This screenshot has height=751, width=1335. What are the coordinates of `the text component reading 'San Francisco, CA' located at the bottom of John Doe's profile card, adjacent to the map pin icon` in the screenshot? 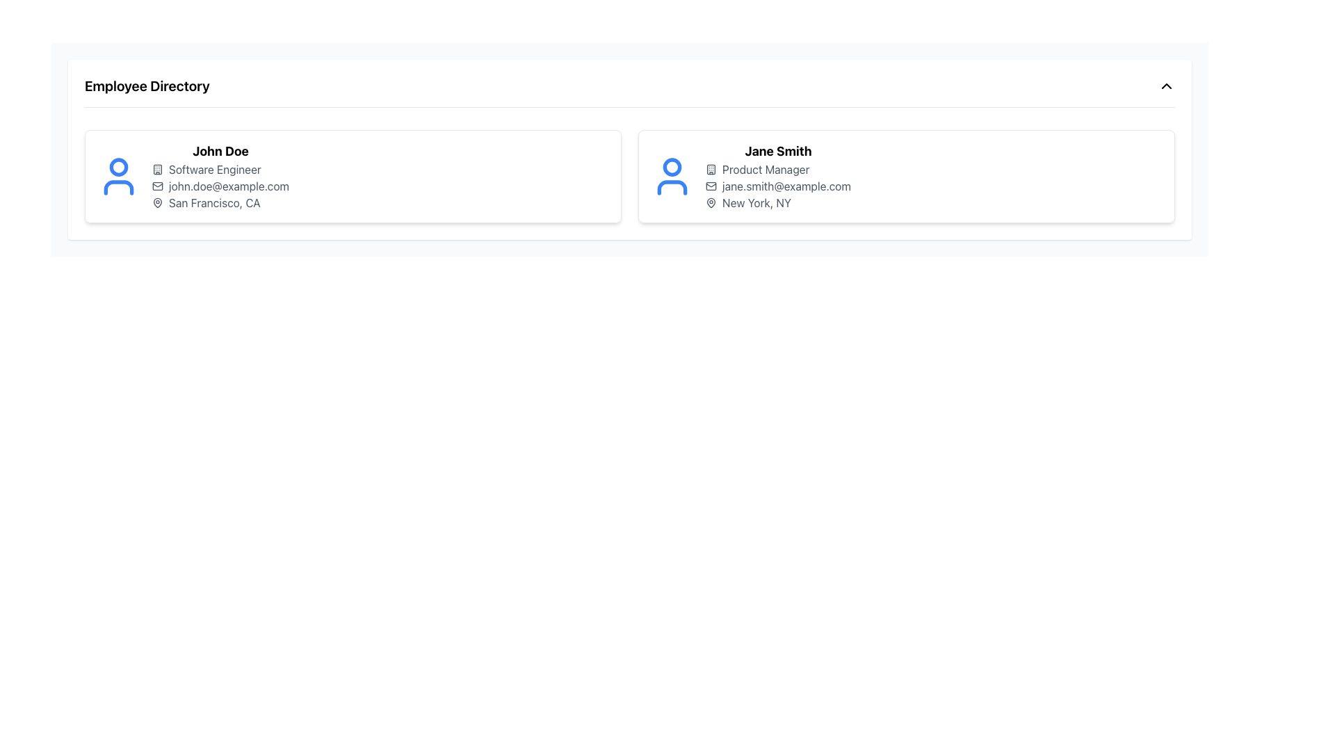 It's located at (220, 203).